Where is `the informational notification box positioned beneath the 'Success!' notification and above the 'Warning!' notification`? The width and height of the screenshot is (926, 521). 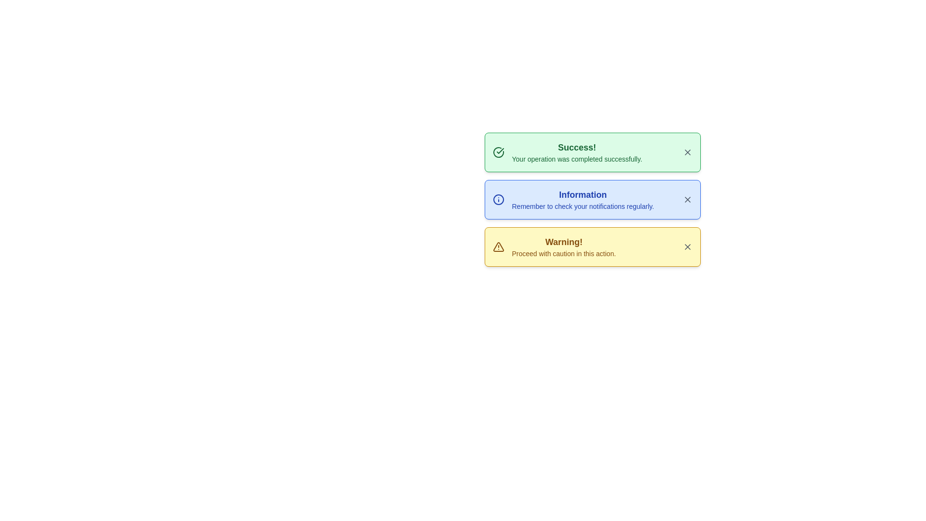 the informational notification box positioned beneath the 'Success!' notification and above the 'Warning!' notification is located at coordinates (592, 199).